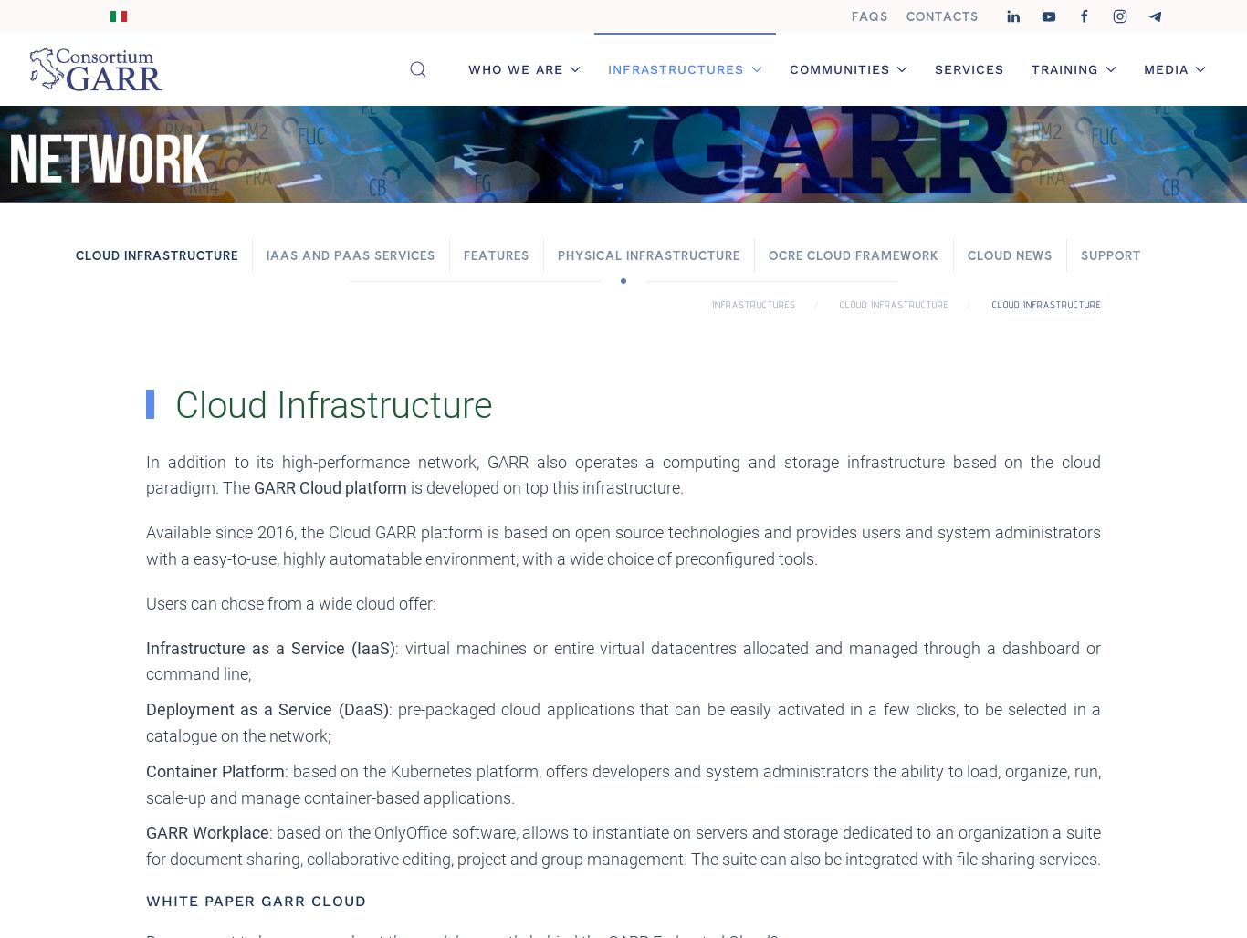 This screenshot has height=938, width=1247. I want to click on 'is developed on top this infrastructure.', so click(544, 487).